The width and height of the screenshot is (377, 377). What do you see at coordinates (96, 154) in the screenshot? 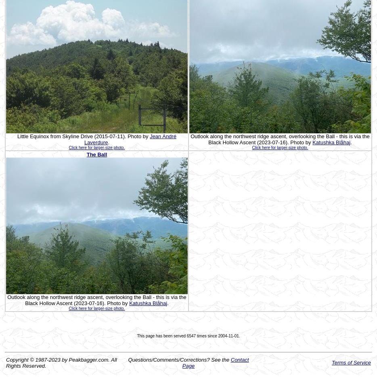
I see `'The Ball'` at bounding box center [96, 154].